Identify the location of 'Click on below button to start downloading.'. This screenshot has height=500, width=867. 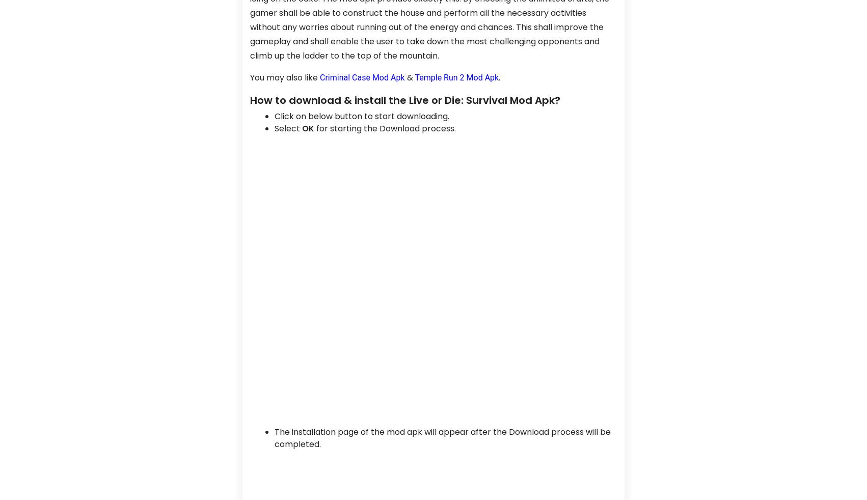
(361, 115).